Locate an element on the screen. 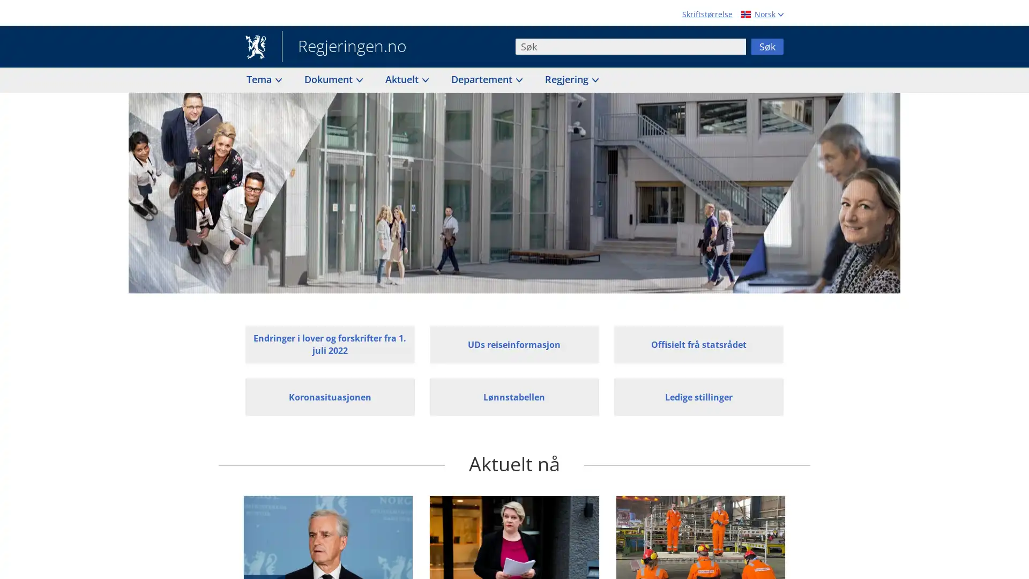 This screenshot has width=1029, height=579. Norsk is located at coordinates (760, 14).